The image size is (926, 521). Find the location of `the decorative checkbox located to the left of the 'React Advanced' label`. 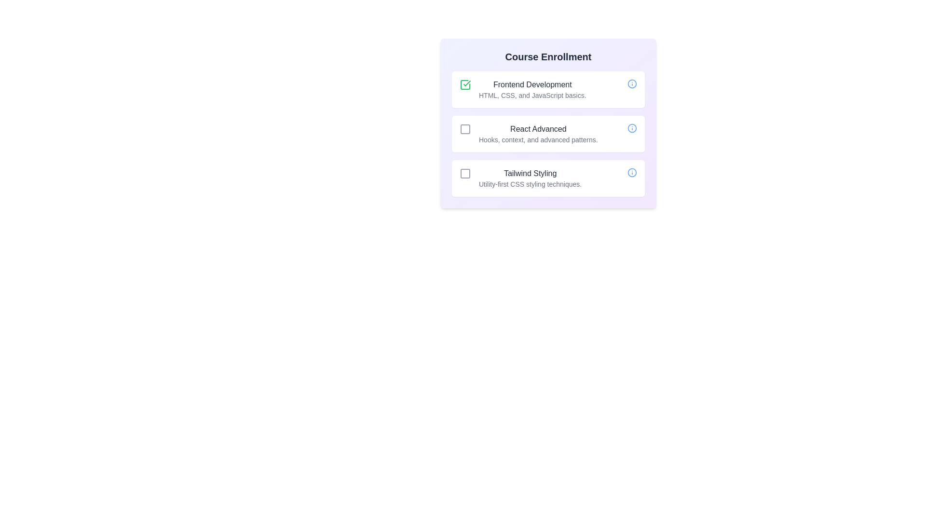

the decorative checkbox located to the left of the 'React Advanced' label is located at coordinates (465, 128).